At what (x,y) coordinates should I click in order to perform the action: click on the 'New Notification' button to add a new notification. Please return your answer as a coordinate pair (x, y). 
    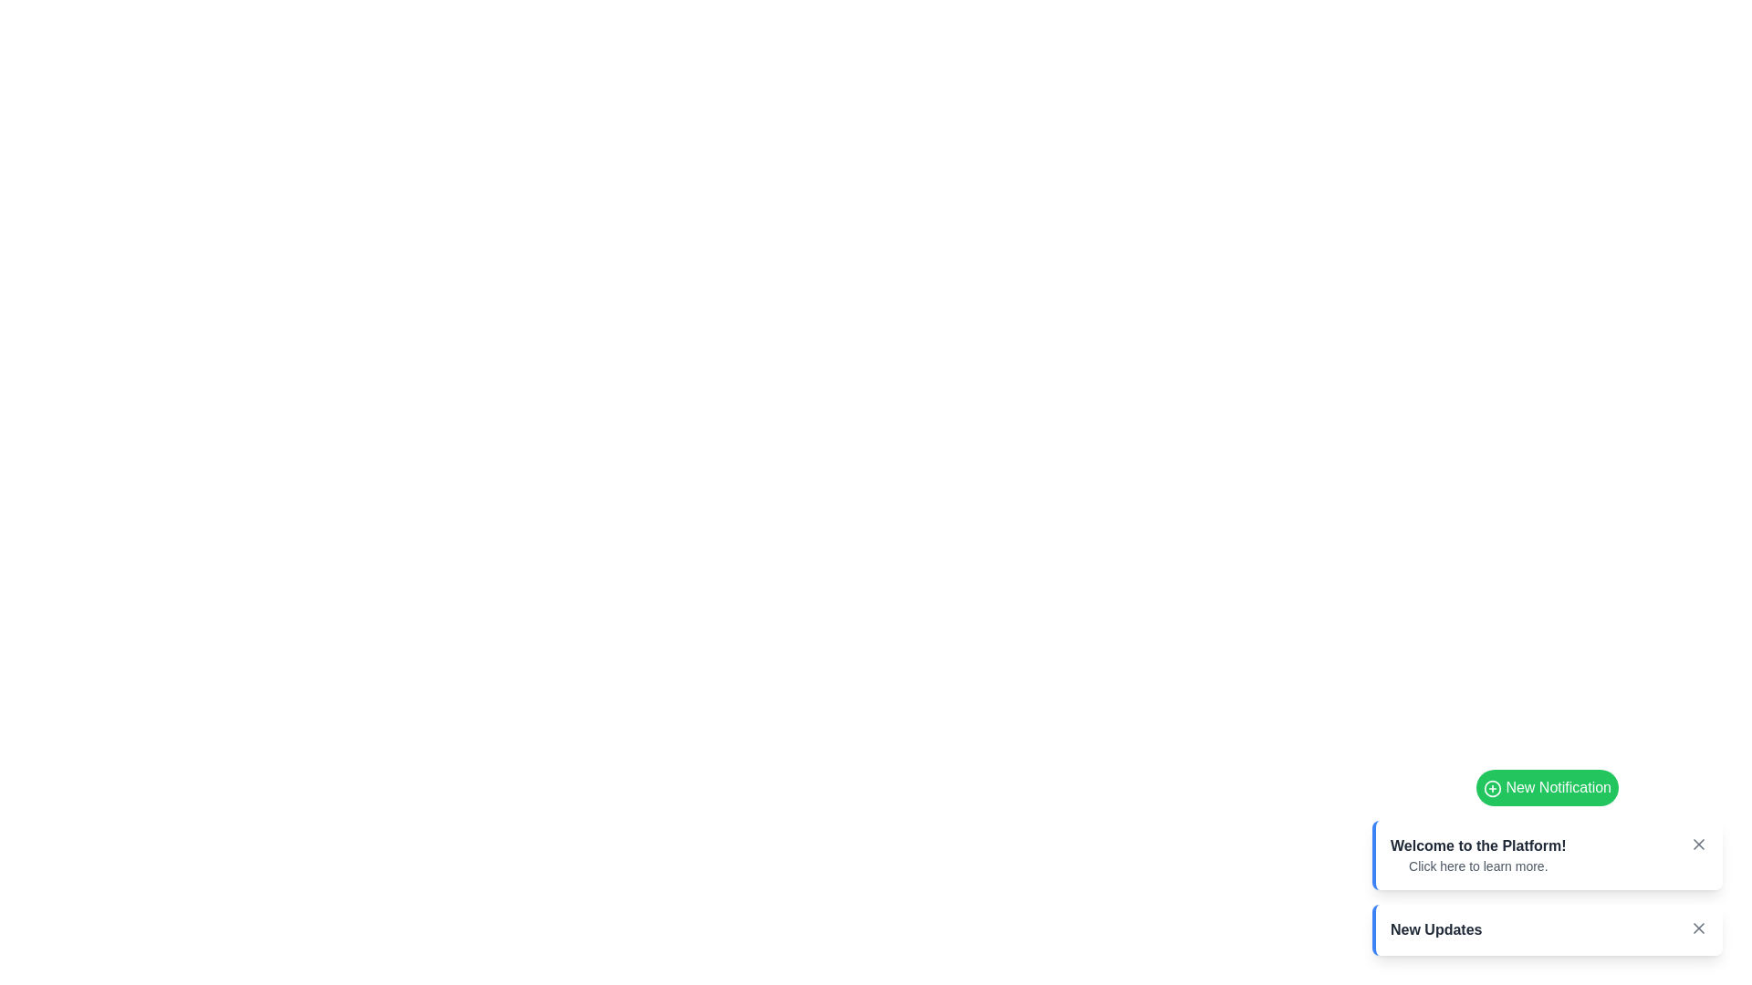
    Looking at the image, I should click on (1546, 787).